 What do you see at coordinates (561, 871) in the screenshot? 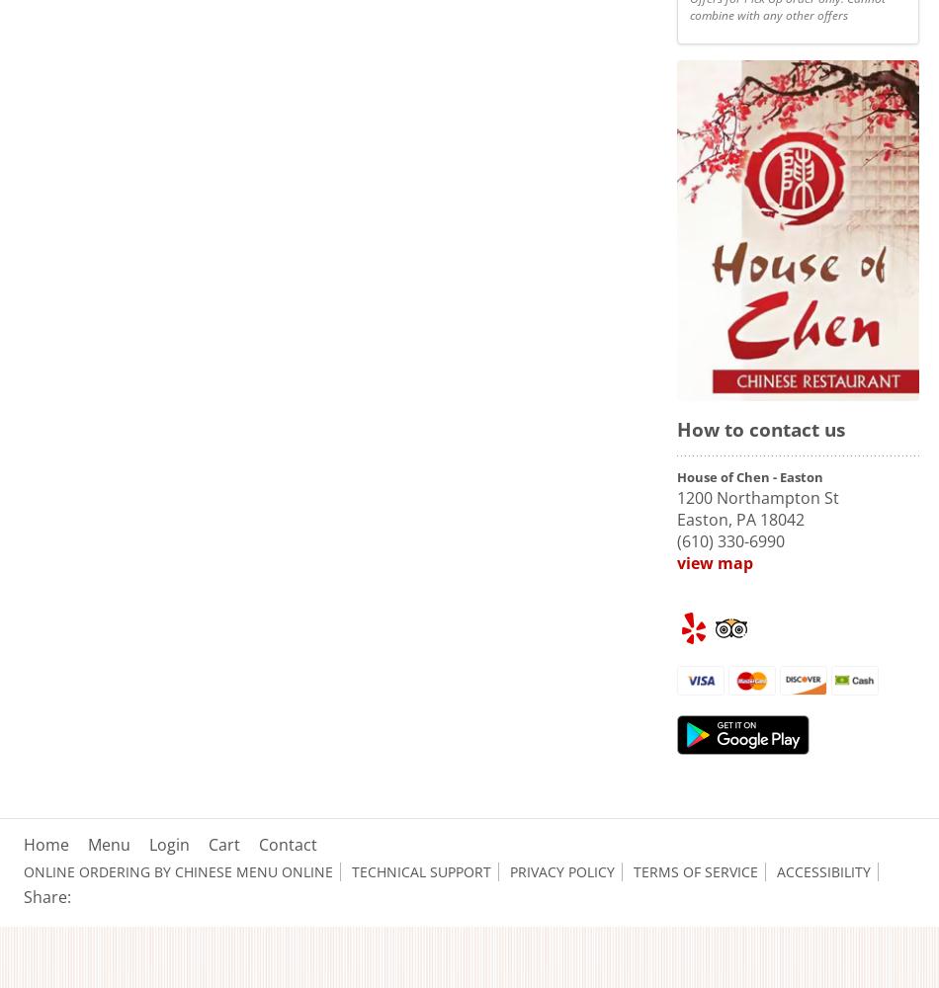
I see `'Privacy Policy'` at bounding box center [561, 871].